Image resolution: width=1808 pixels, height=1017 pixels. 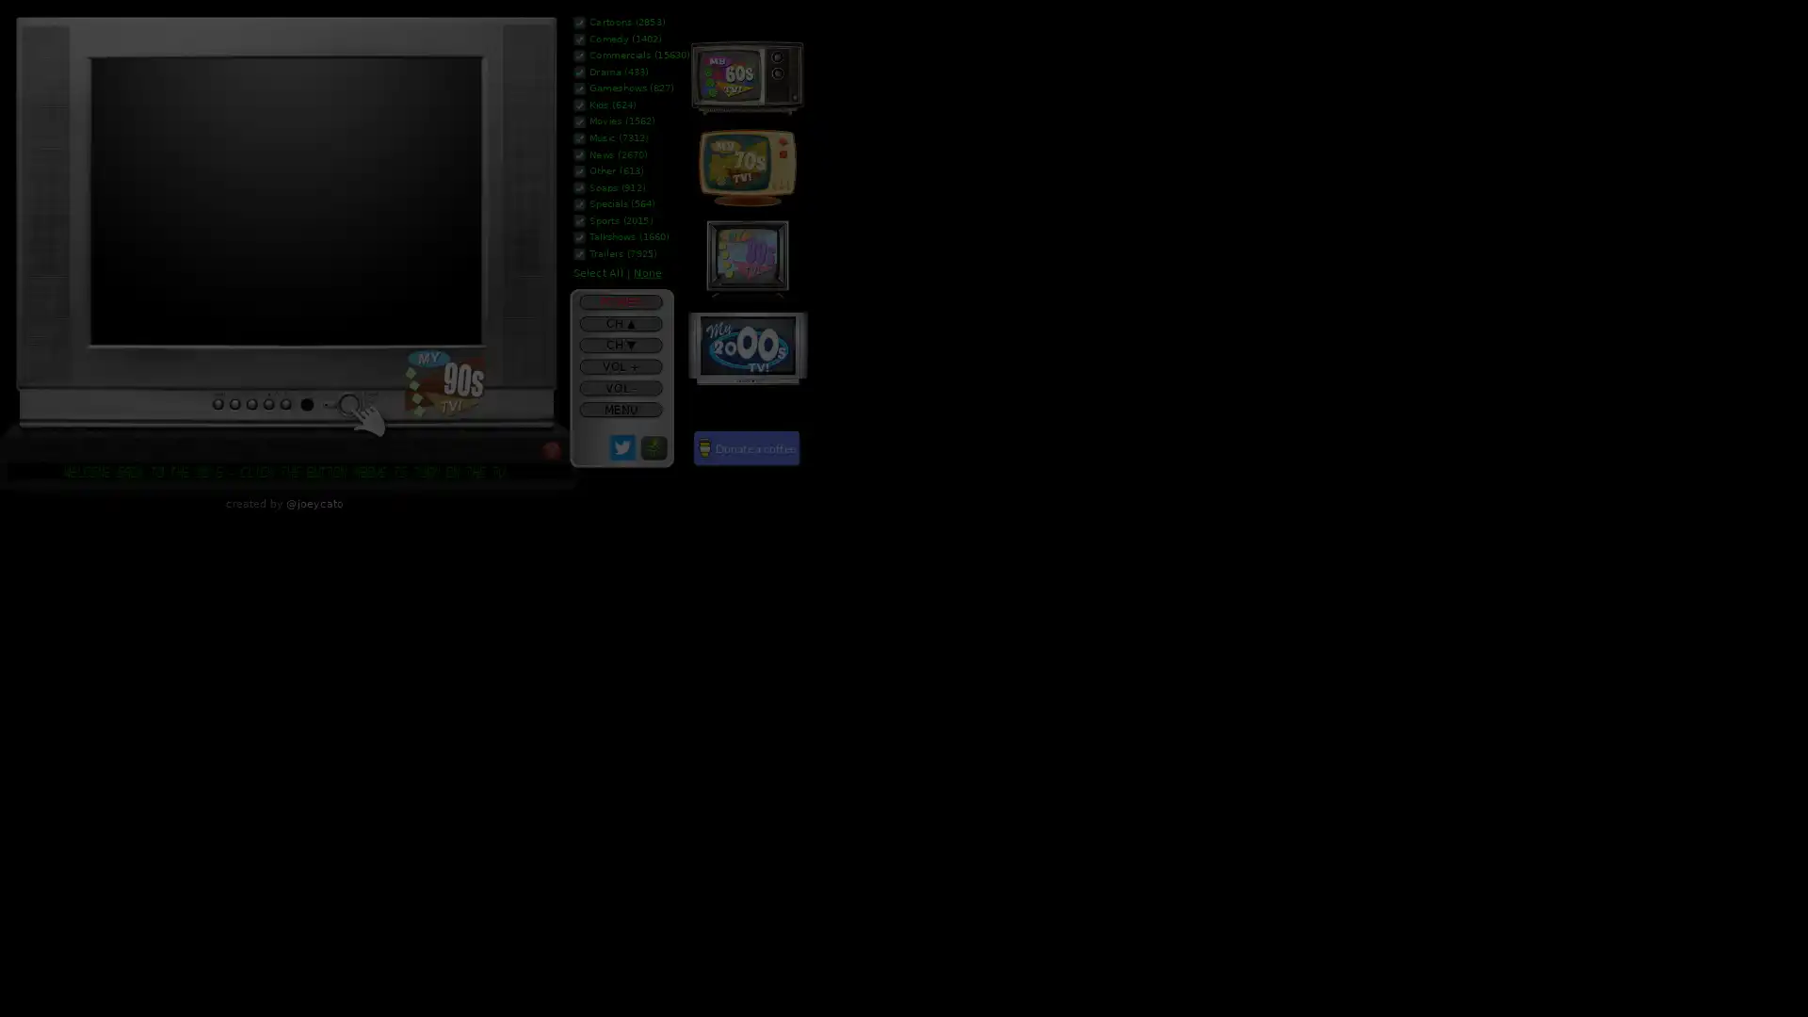 What do you see at coordinates (620, 300) in the screenshot?
I see `POWER` at bounding box center [620, 300].